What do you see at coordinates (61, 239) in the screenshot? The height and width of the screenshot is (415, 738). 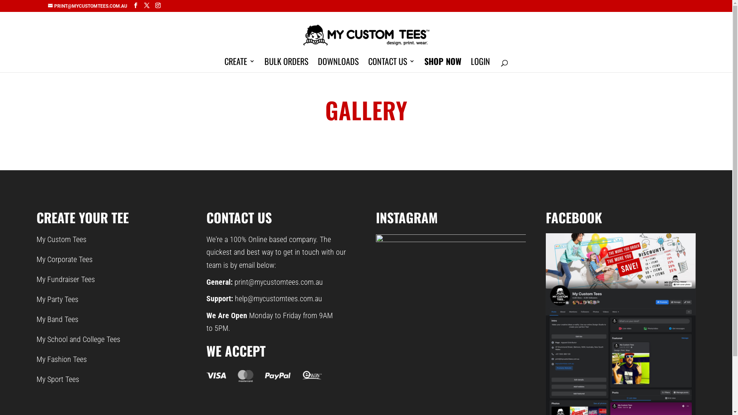 I see `'My Custom Tees'` at bounding box center [61, 239].